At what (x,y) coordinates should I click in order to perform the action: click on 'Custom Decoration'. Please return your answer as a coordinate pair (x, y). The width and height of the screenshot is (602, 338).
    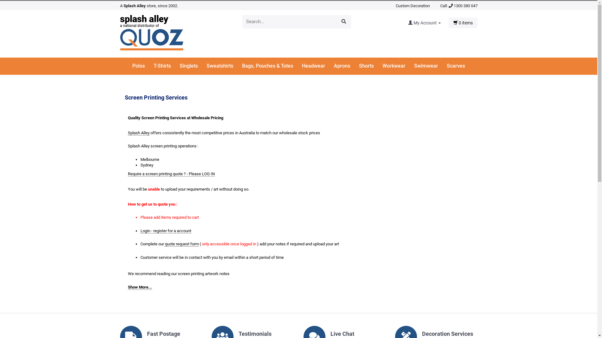
    Looking at the image, I should click on (395, 6).